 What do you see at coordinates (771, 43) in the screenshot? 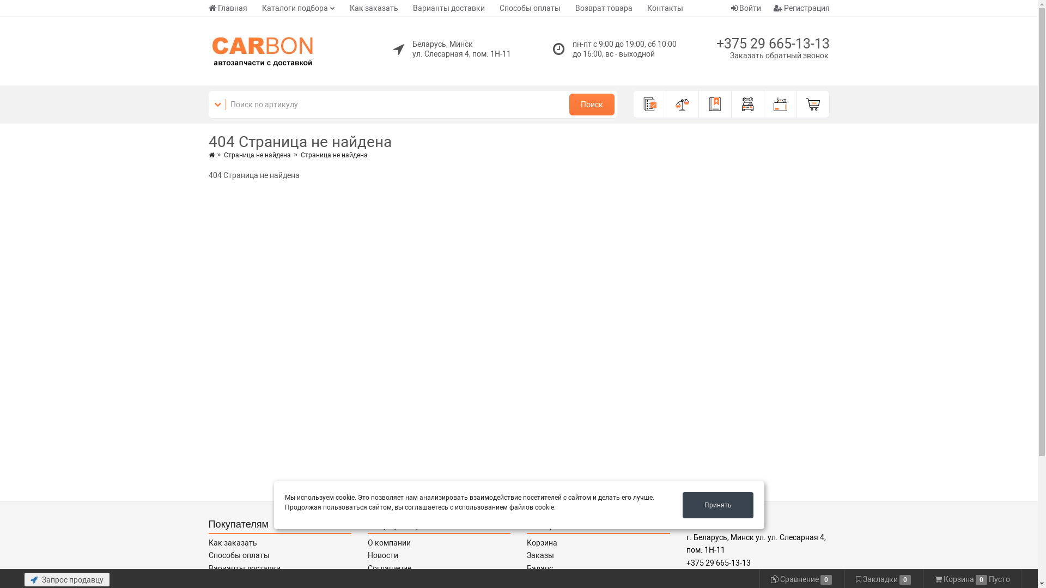
I see `'+375 29 665-13-13'` at bounding box center [771, 43].